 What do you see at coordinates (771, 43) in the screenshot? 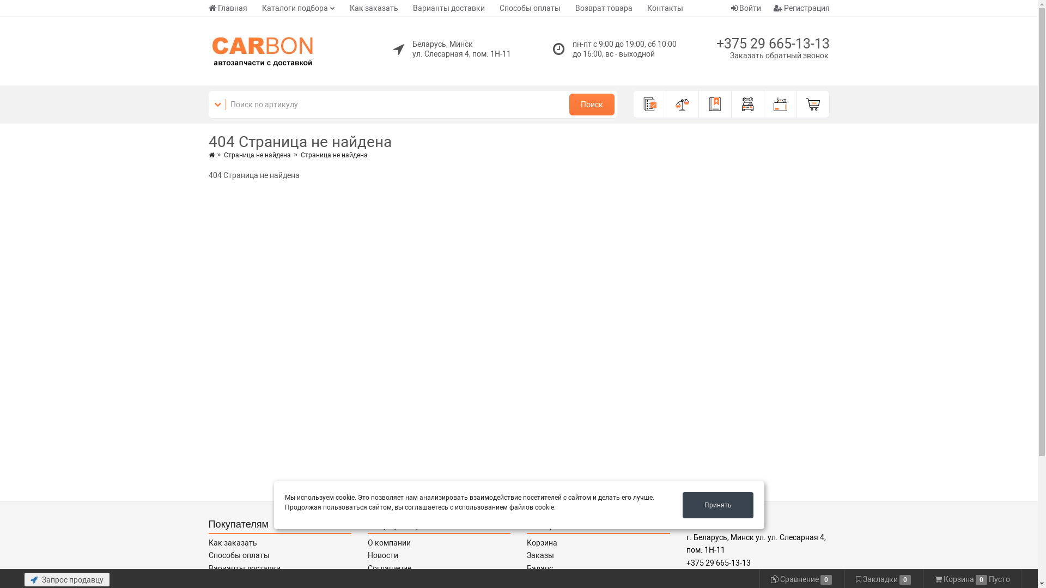
I see `'+375 29 665-13-13'` at bounding box center [771, 43].